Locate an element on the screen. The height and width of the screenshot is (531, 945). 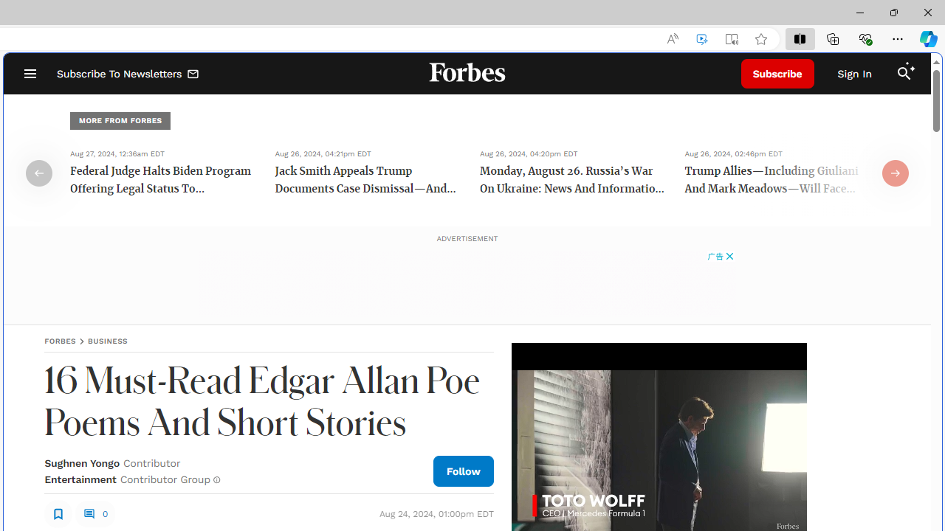
'Open Navigation Menu' is located at coordinates (30, 74).